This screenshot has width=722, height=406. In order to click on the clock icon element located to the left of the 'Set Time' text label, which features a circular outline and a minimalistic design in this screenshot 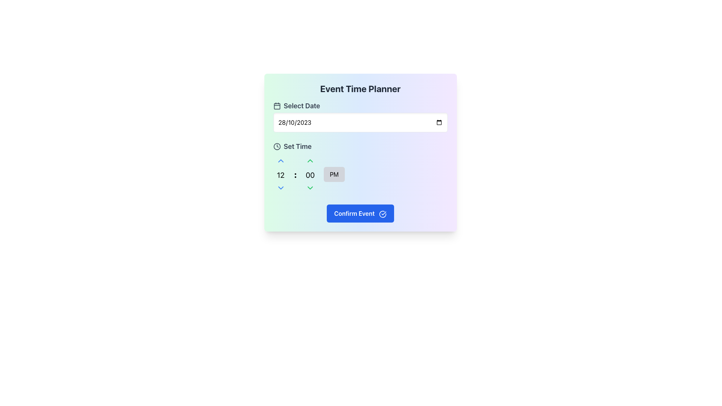, I will do `click(276, 146)`.